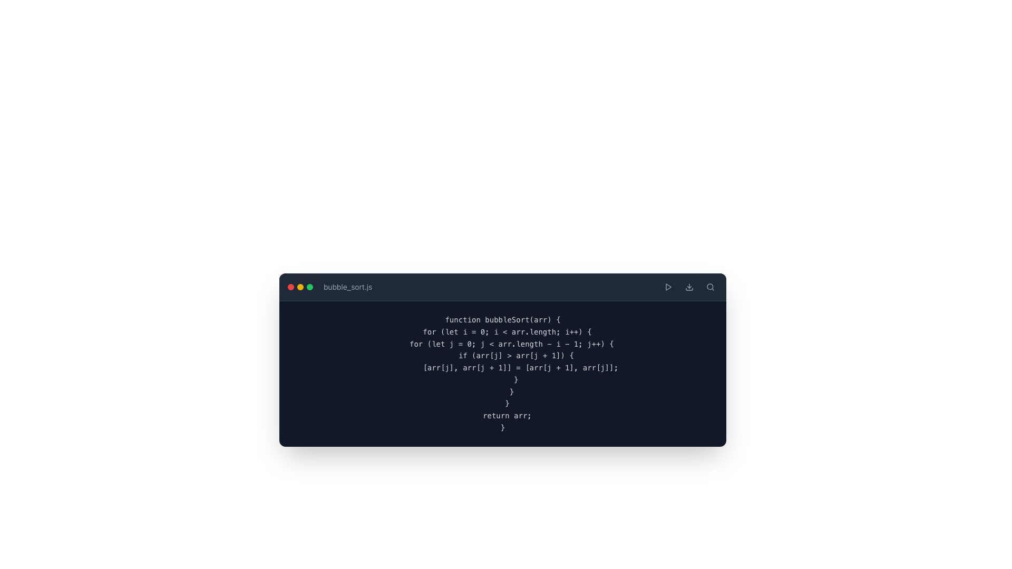  I want to click on text label indicating the filename or title of the currently opened file, located in the top-left corner of the header section above the code editor, to the right of the three colored dots, so click(348, 287).